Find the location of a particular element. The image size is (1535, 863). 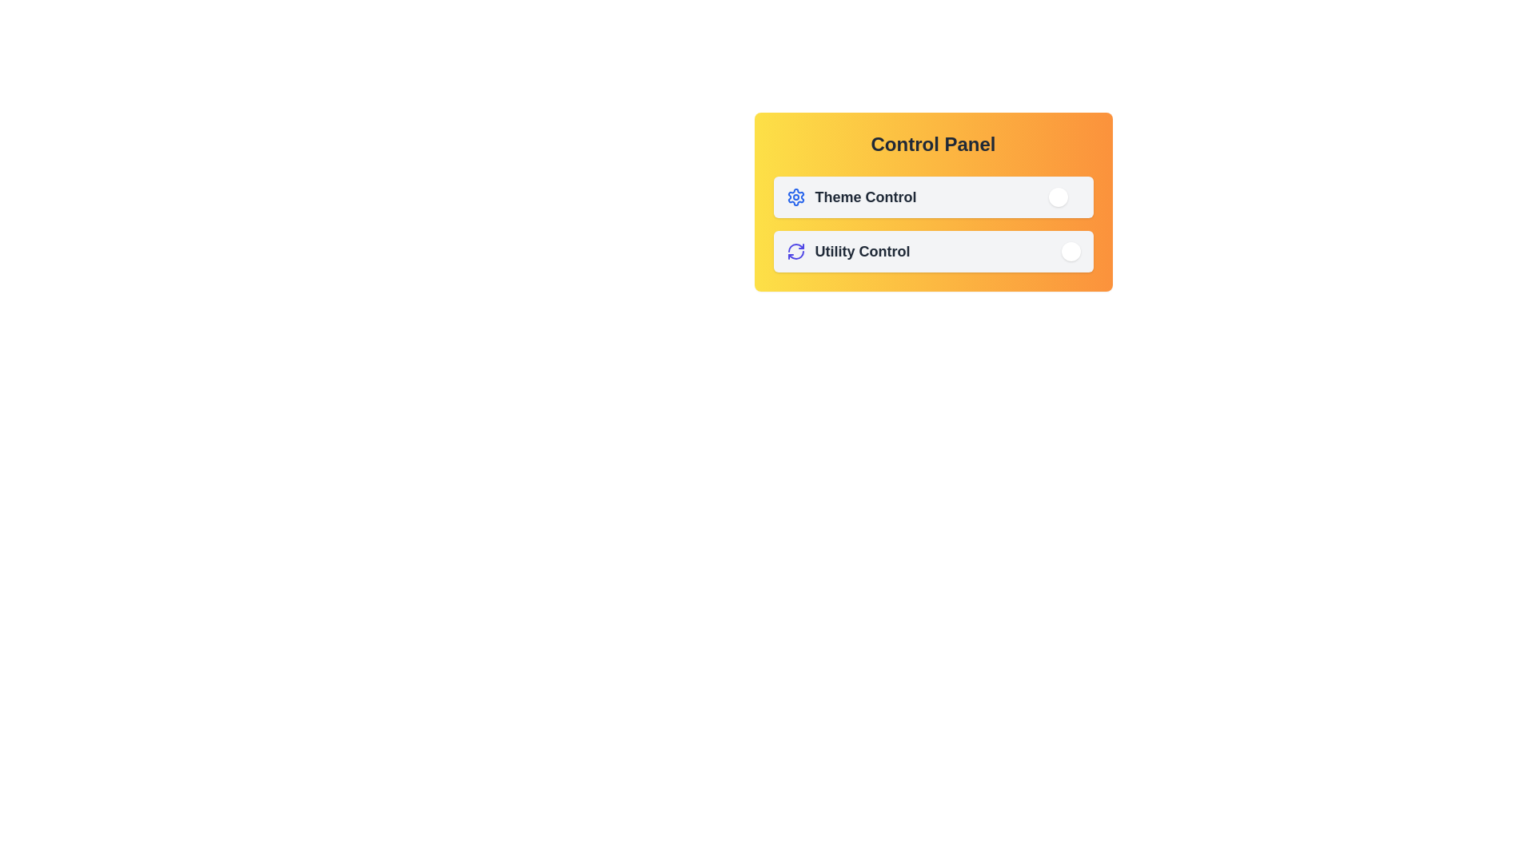

the theme control icon located to the left of the 'Theme Control' text in the first row of the 'Control Panel' interface is located at coordinates (795, 196).